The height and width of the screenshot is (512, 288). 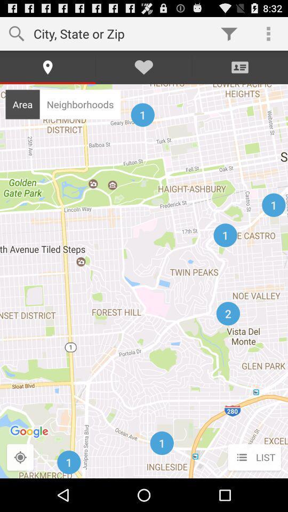 What do you see at coordinates (22, 104) in the screenshot?
I see `the icon to the left of neighborhoods icon` at bounding box center [22, 104].